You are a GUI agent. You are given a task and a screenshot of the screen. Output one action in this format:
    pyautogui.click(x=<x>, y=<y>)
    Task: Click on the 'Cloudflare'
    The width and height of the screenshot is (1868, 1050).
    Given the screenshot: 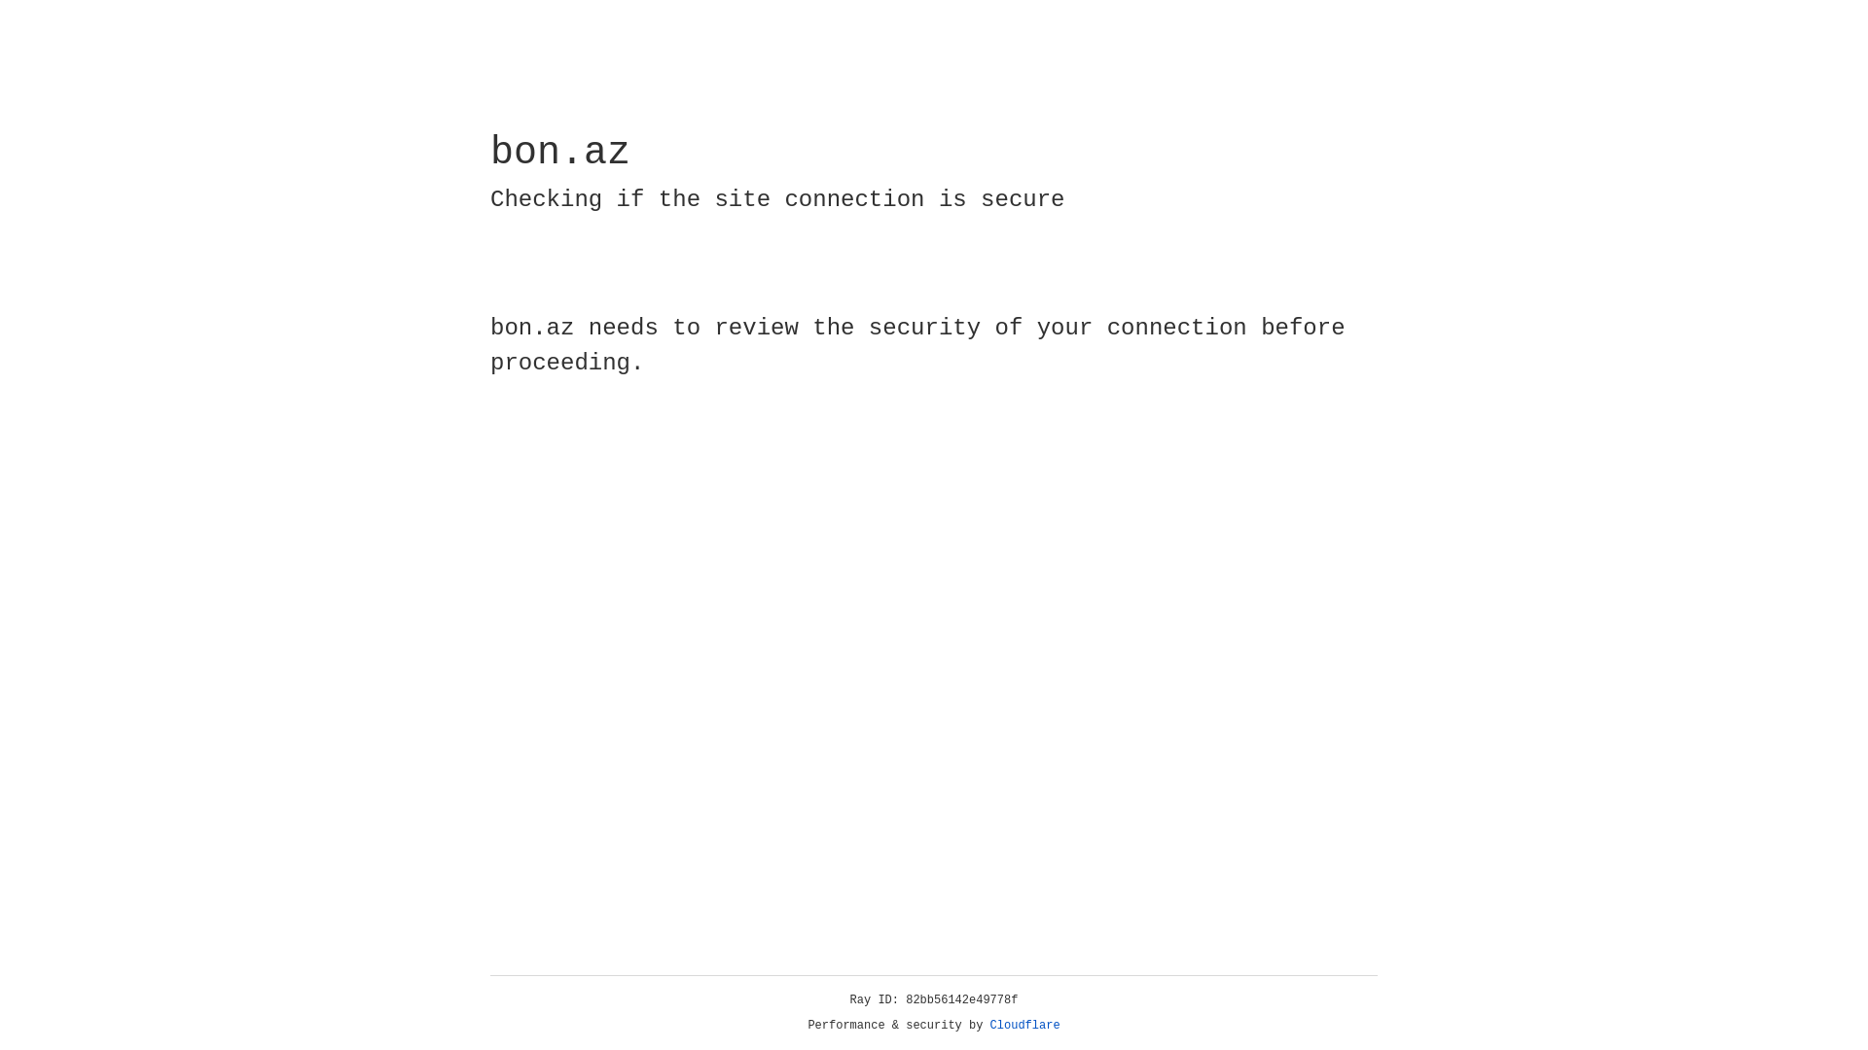 What is the action you would take?
    pyautogui.click(x=1024, y=1025)
    